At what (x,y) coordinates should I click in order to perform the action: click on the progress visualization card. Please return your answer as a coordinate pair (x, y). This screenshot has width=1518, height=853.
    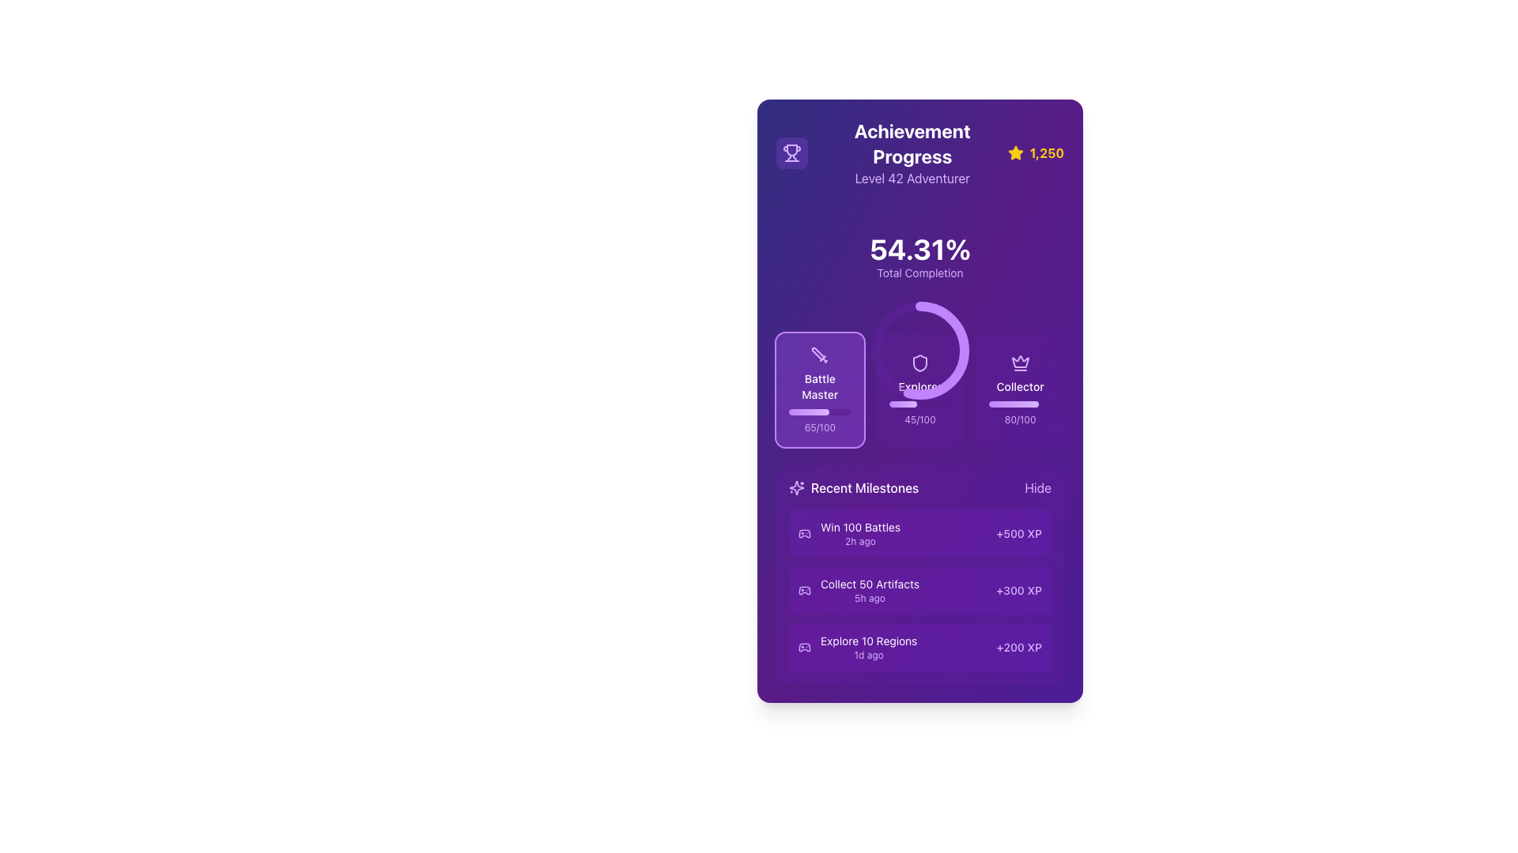
    Looking at the image, I should click on (919, 389).